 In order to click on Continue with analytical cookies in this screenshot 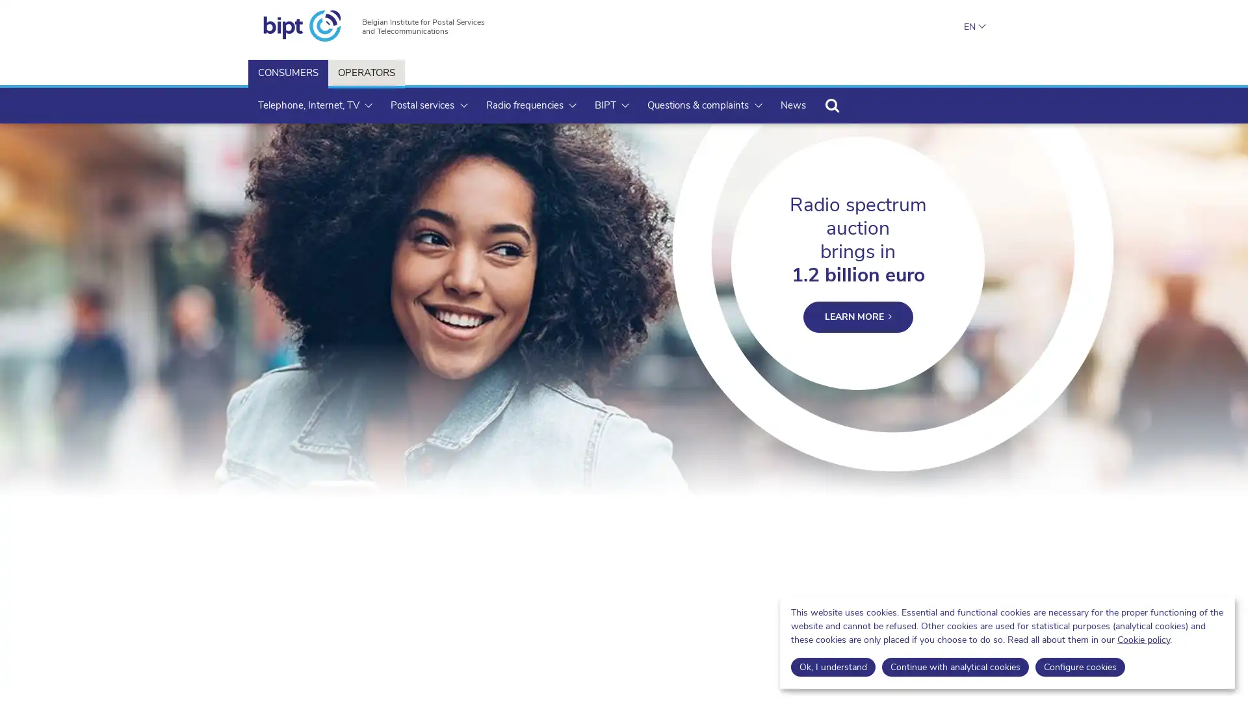, I will do `click(954, 667)`.